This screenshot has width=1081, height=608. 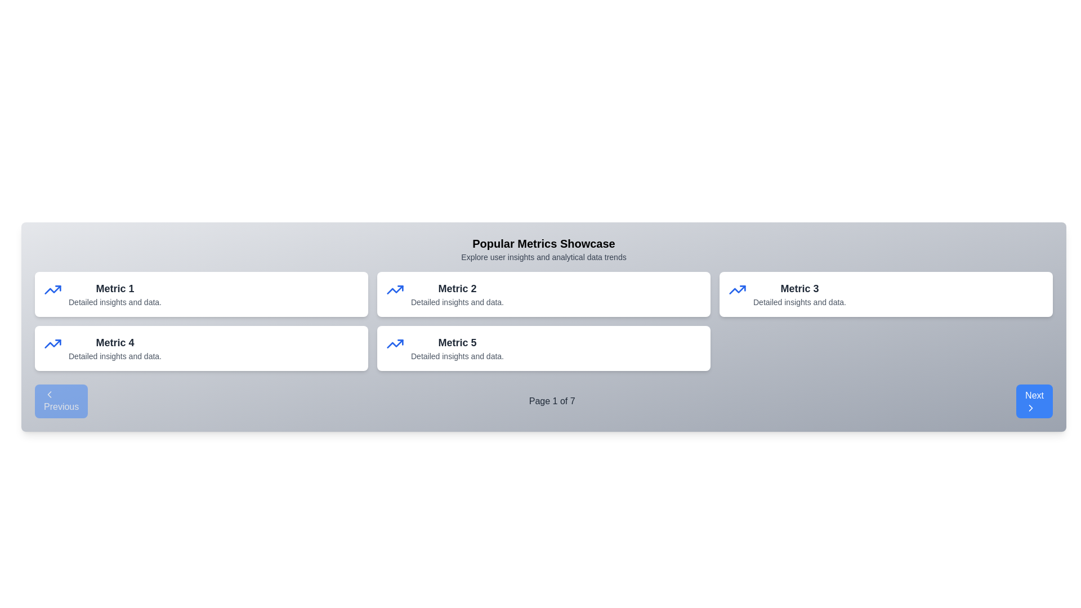 I want to click on the Informational Card displaying 'Metric 2', positioned in the middle of the top row of the grid layout, so click(x=543, y=294).